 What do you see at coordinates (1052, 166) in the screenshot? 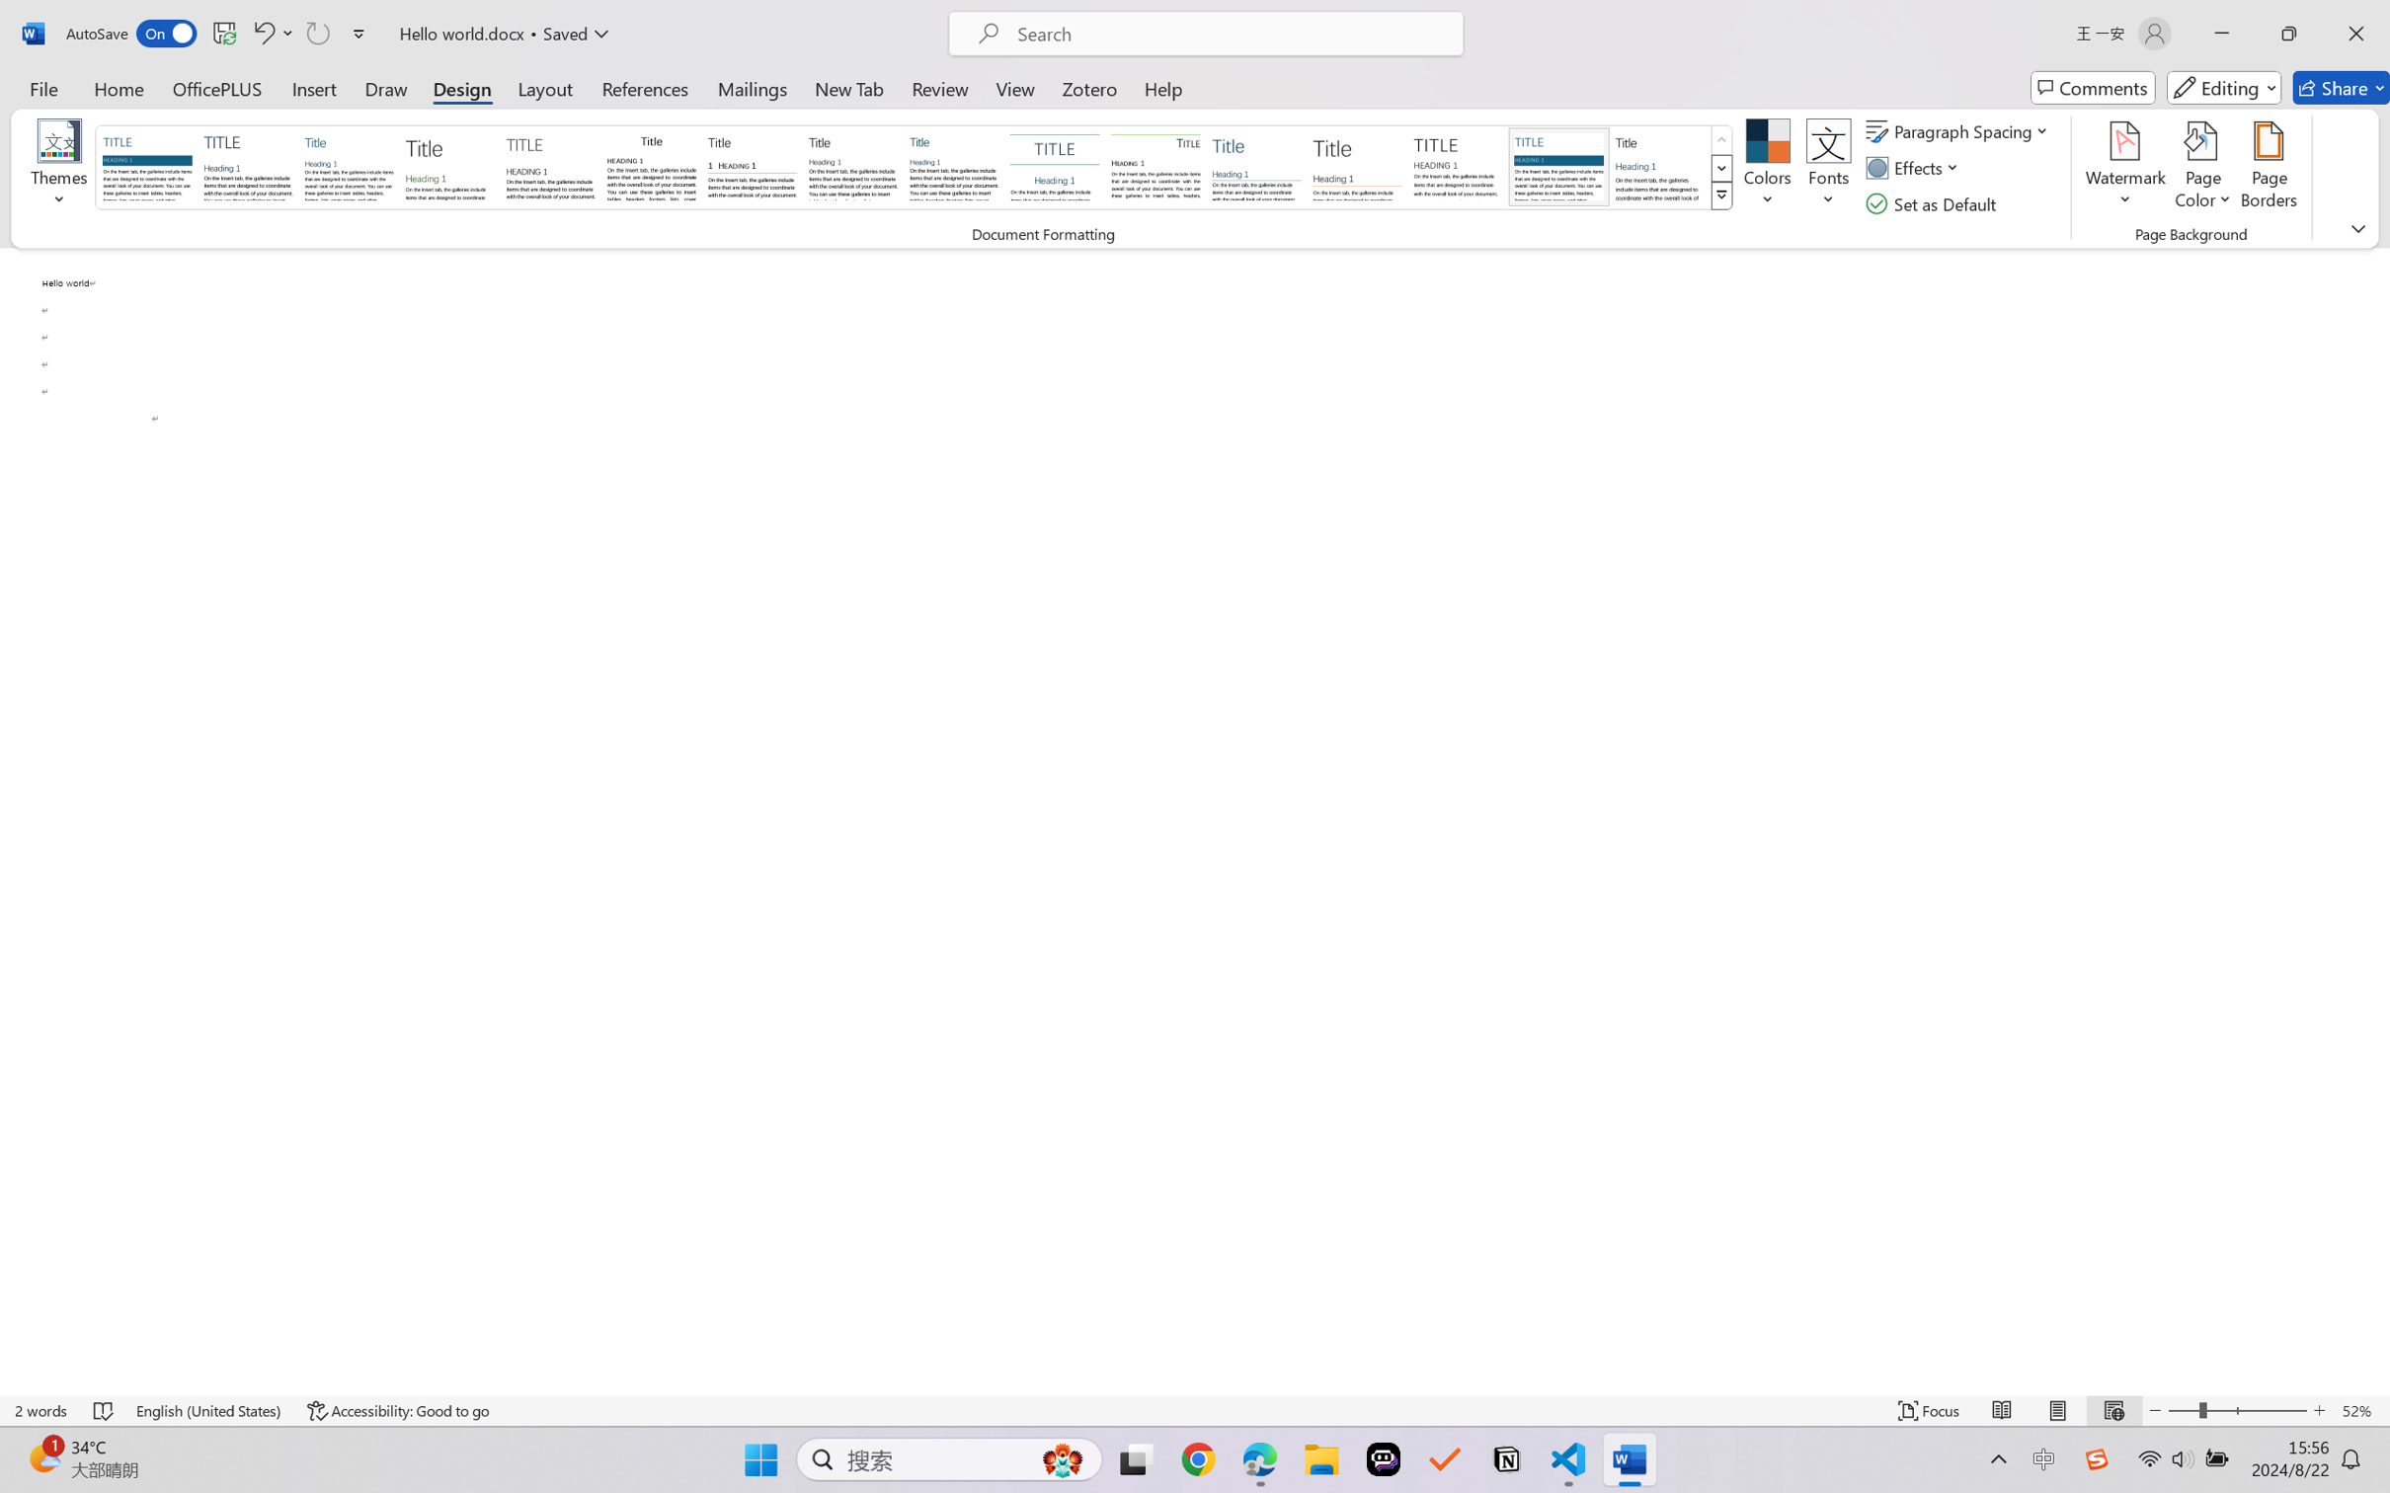
I see `'Centered'` at bounding box center [1052, 166].